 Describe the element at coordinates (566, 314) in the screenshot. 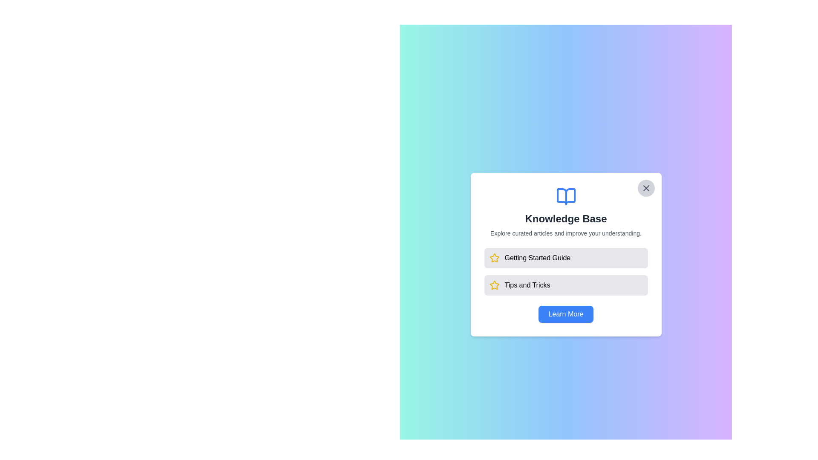

I see `the 'Learn More' button with a blue background and rounded corners at the bottom-center of the 'Knowledge Base' card to change its appearance` at that location.